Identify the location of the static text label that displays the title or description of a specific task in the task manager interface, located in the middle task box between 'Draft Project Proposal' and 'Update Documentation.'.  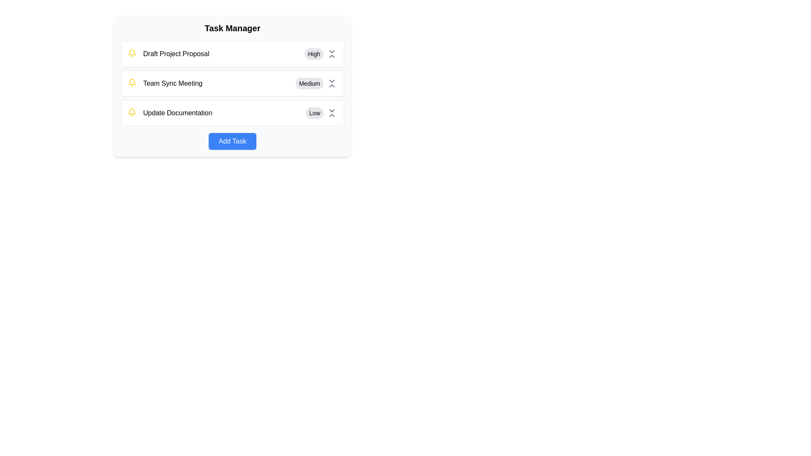
(165, 83).